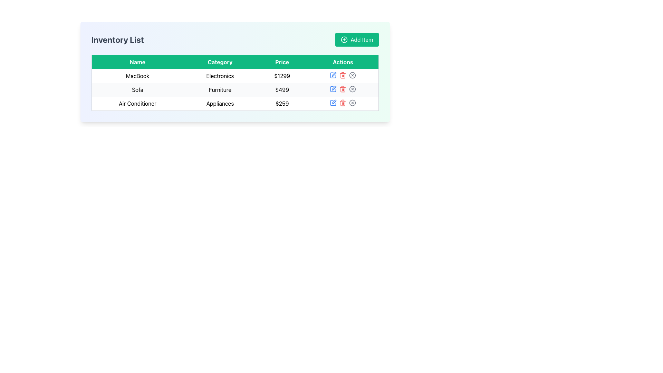 This screenshot has width=663, height=373. I want to click on the 'pen' icon in the 'Actions' column associated with the 'Sofa' item, positioned between the 'trash' and 'add' icons, so click(333, 89).